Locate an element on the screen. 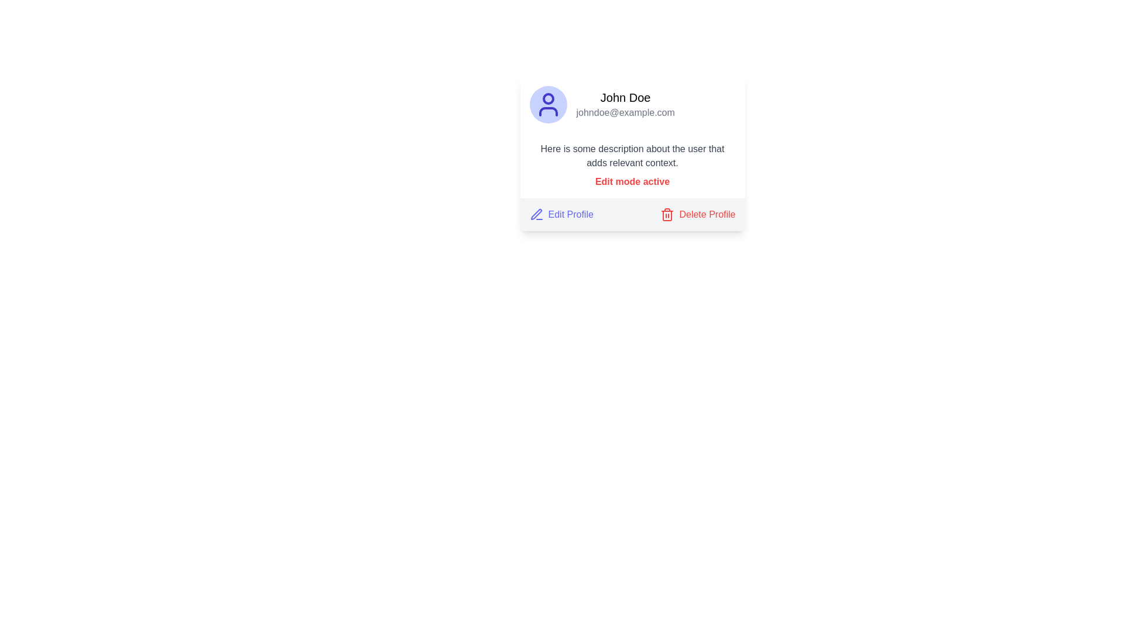 This screenshot has width=1124, height=632. the text label indicating that the edit mode is active, which is positioned within a card-like component showcasing user information, situated between a descriptive paragraph and the buttons 'Edit Profile' and 'Delete Profile' is located at coordinates (632, 182).